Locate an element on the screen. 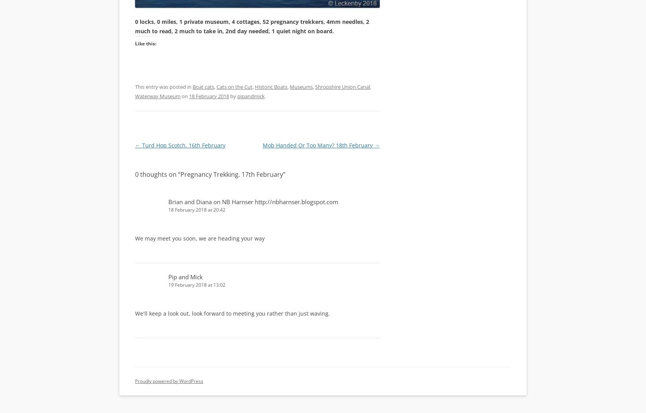 The width and height of the screenshot is (646, 413). 'on' is located at coordinates (184, 95).